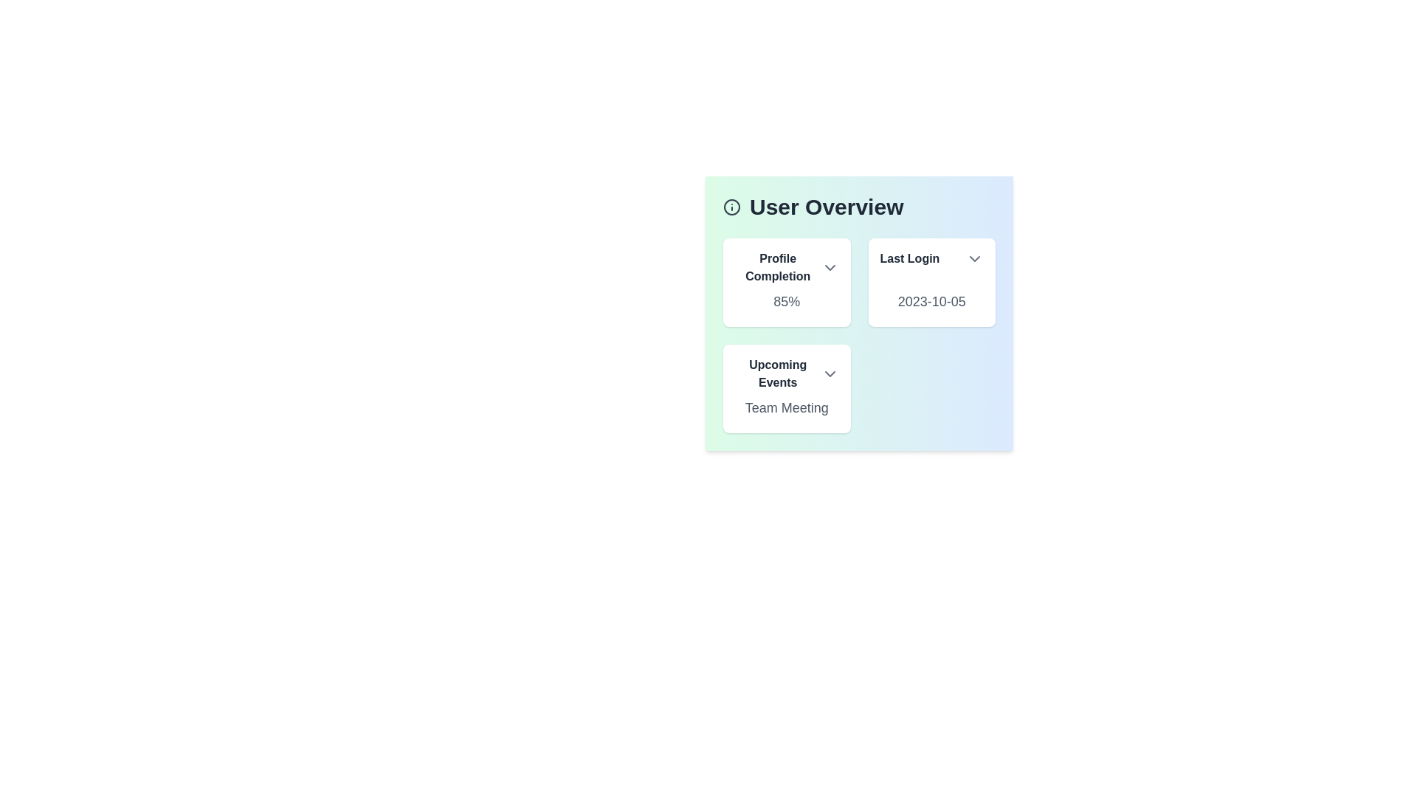 This screenshot has width=1417, height=797. I want to click on the downward-facing chevron icon, which is gray in color and positioned to the far-right of the 'Last Login' label, so click(974, 258).